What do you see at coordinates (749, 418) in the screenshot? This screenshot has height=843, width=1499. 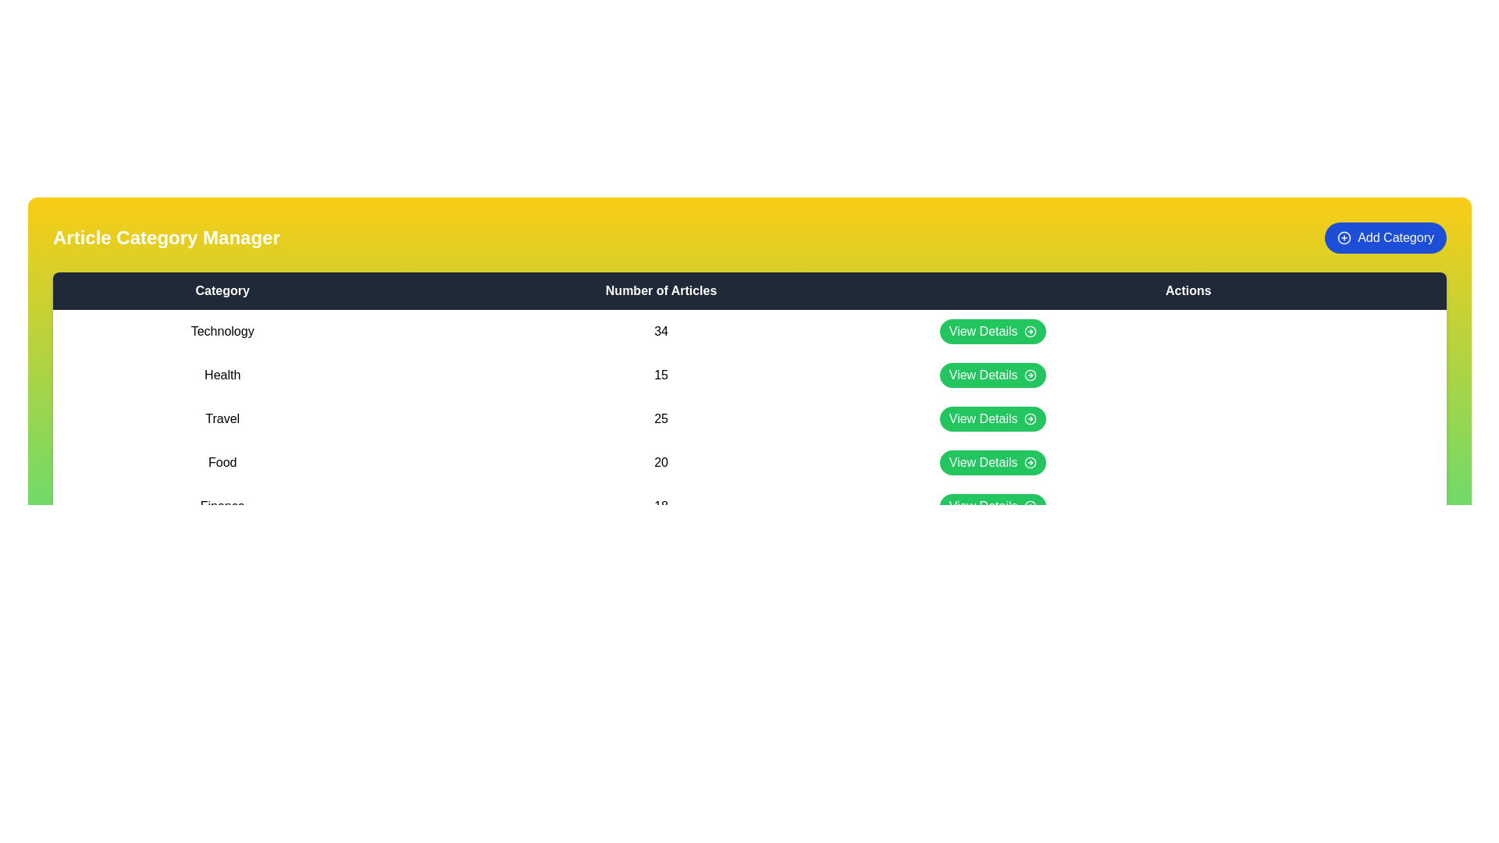 I see `the row corresponding to the category Travel` at bounding box center [749, 418].